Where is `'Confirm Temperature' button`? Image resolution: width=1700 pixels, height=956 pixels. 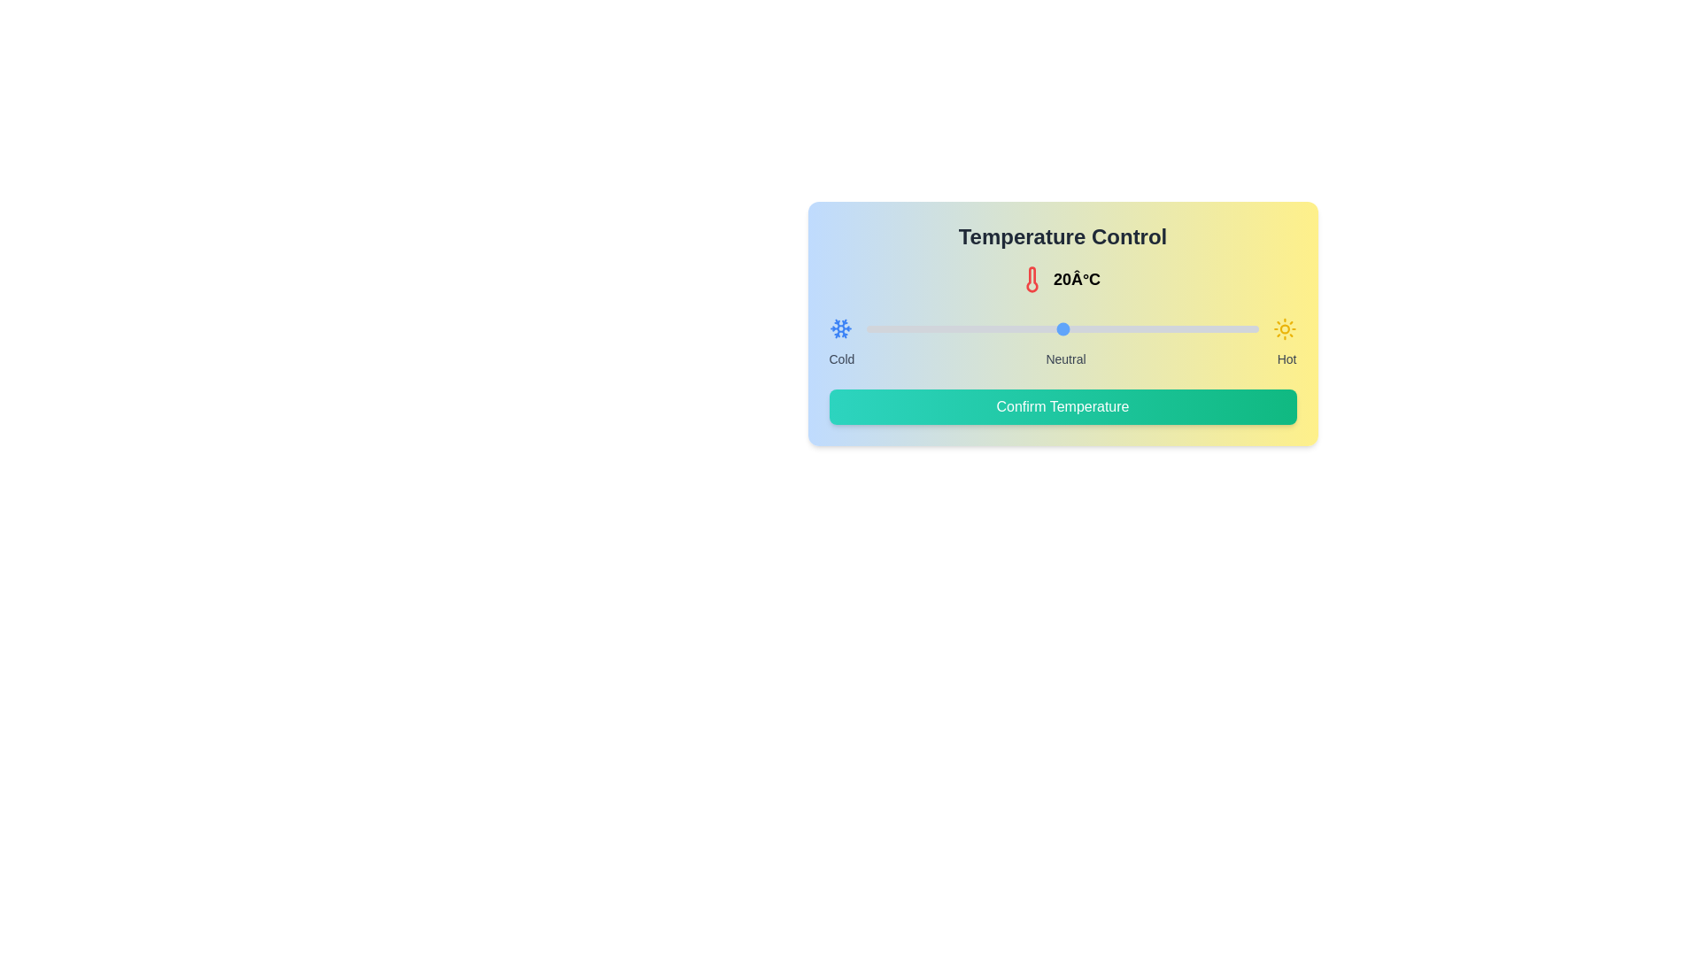 'Confirm Temperature' button is located at coordinates (1062, 406).